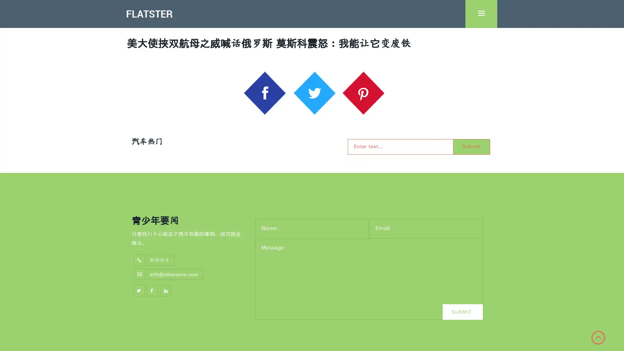  Describe the element at coordinates (468, 147) in the screenshot. I see `Submit` at that location.